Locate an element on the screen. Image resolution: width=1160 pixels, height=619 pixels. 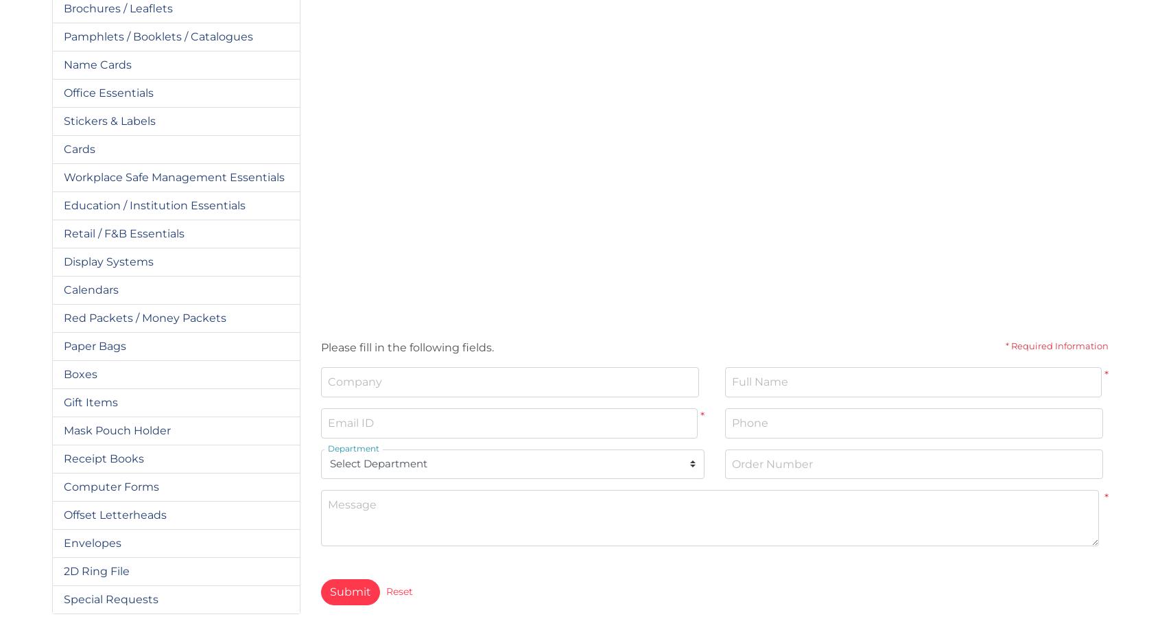
'Gift Items' is located at coordinates (90, 401).